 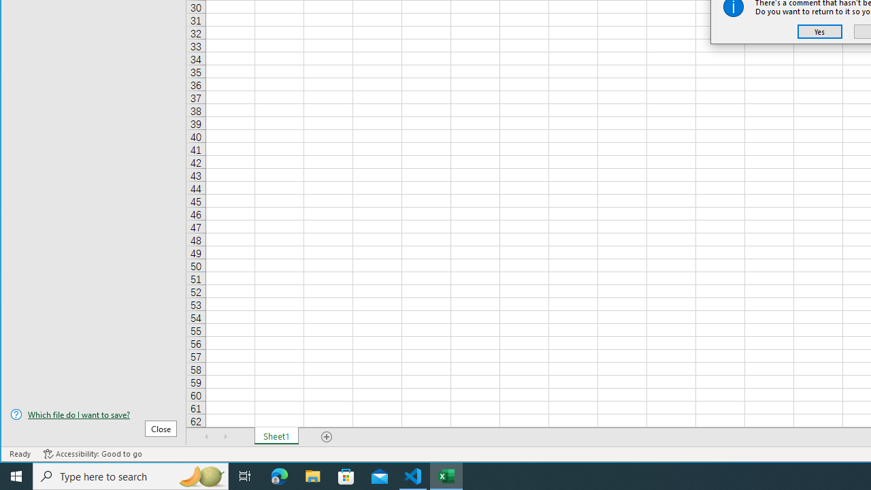 I want to click on 'Excel - 1 running window', so click(x=446, y=475).